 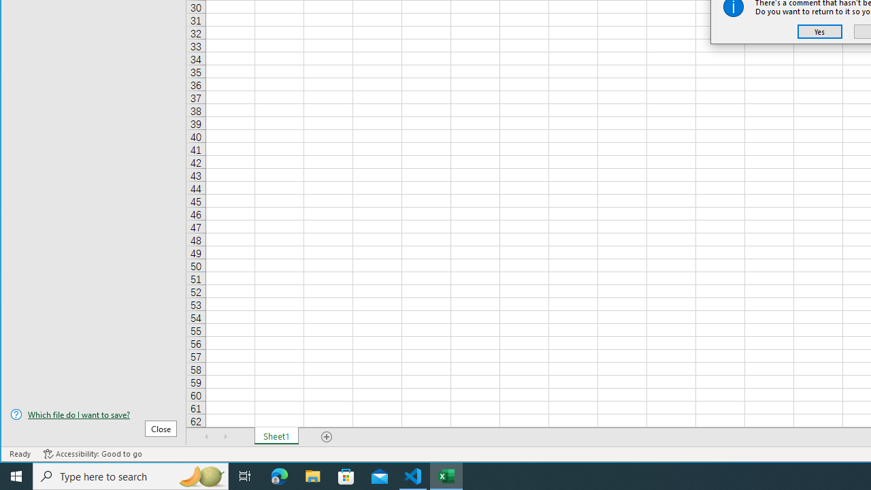 I want to click on 'Excel - 1 running window', so click(x=446, y=475).